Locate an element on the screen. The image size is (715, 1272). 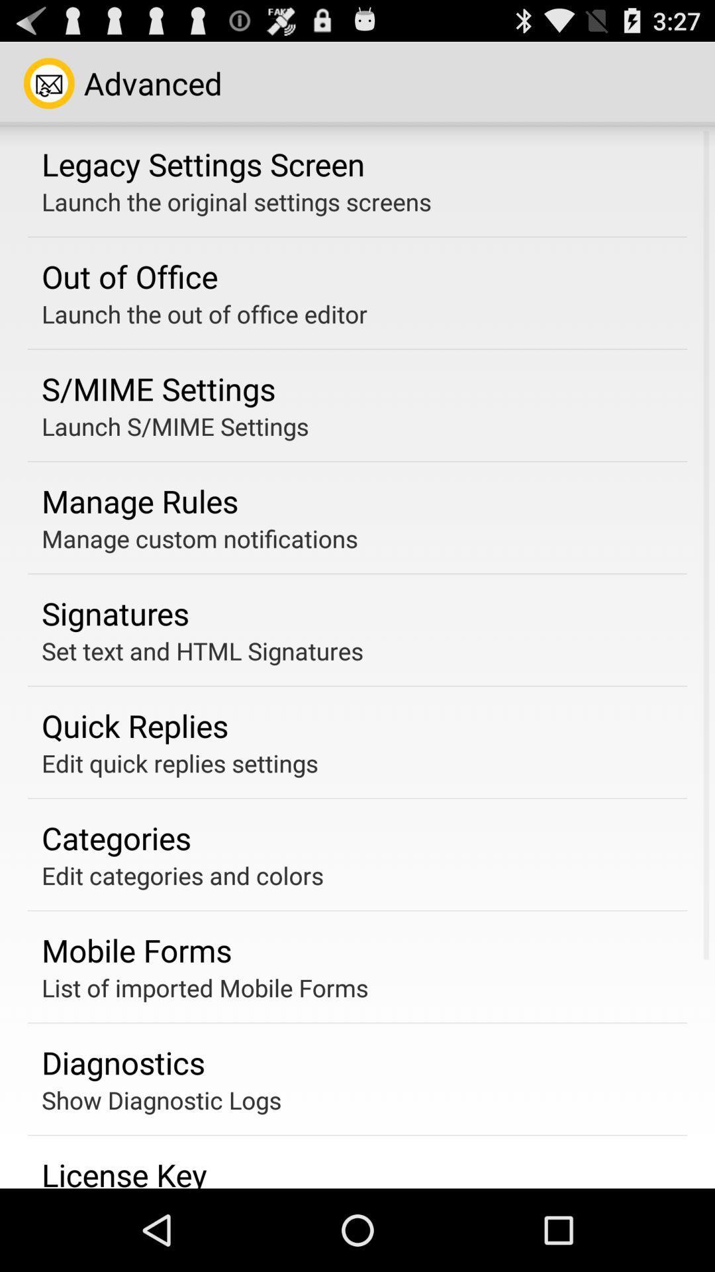
the app above the license key item is located at coordinates (161, 1100).